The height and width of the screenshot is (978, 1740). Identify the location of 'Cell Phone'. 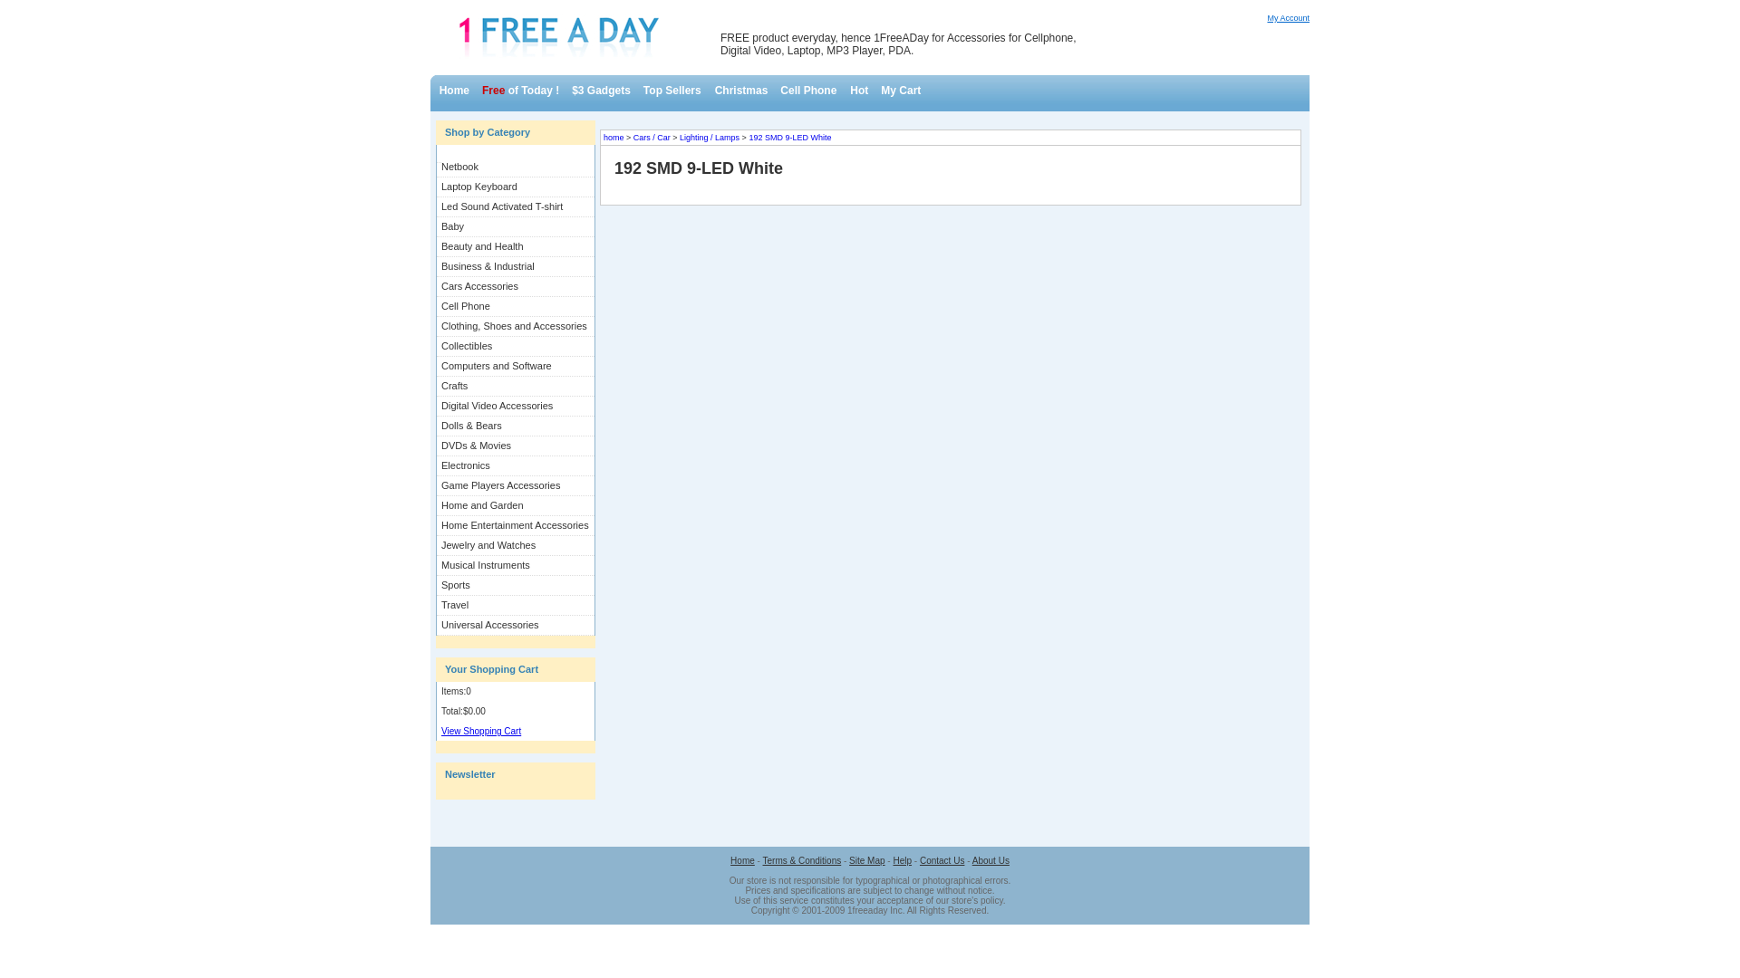
(807, 91).